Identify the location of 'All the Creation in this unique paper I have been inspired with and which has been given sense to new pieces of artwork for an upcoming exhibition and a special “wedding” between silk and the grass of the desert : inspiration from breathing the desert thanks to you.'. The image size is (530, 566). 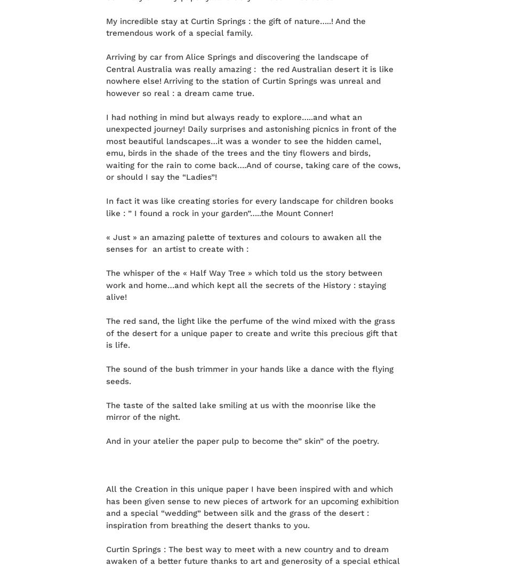
(252, 506).